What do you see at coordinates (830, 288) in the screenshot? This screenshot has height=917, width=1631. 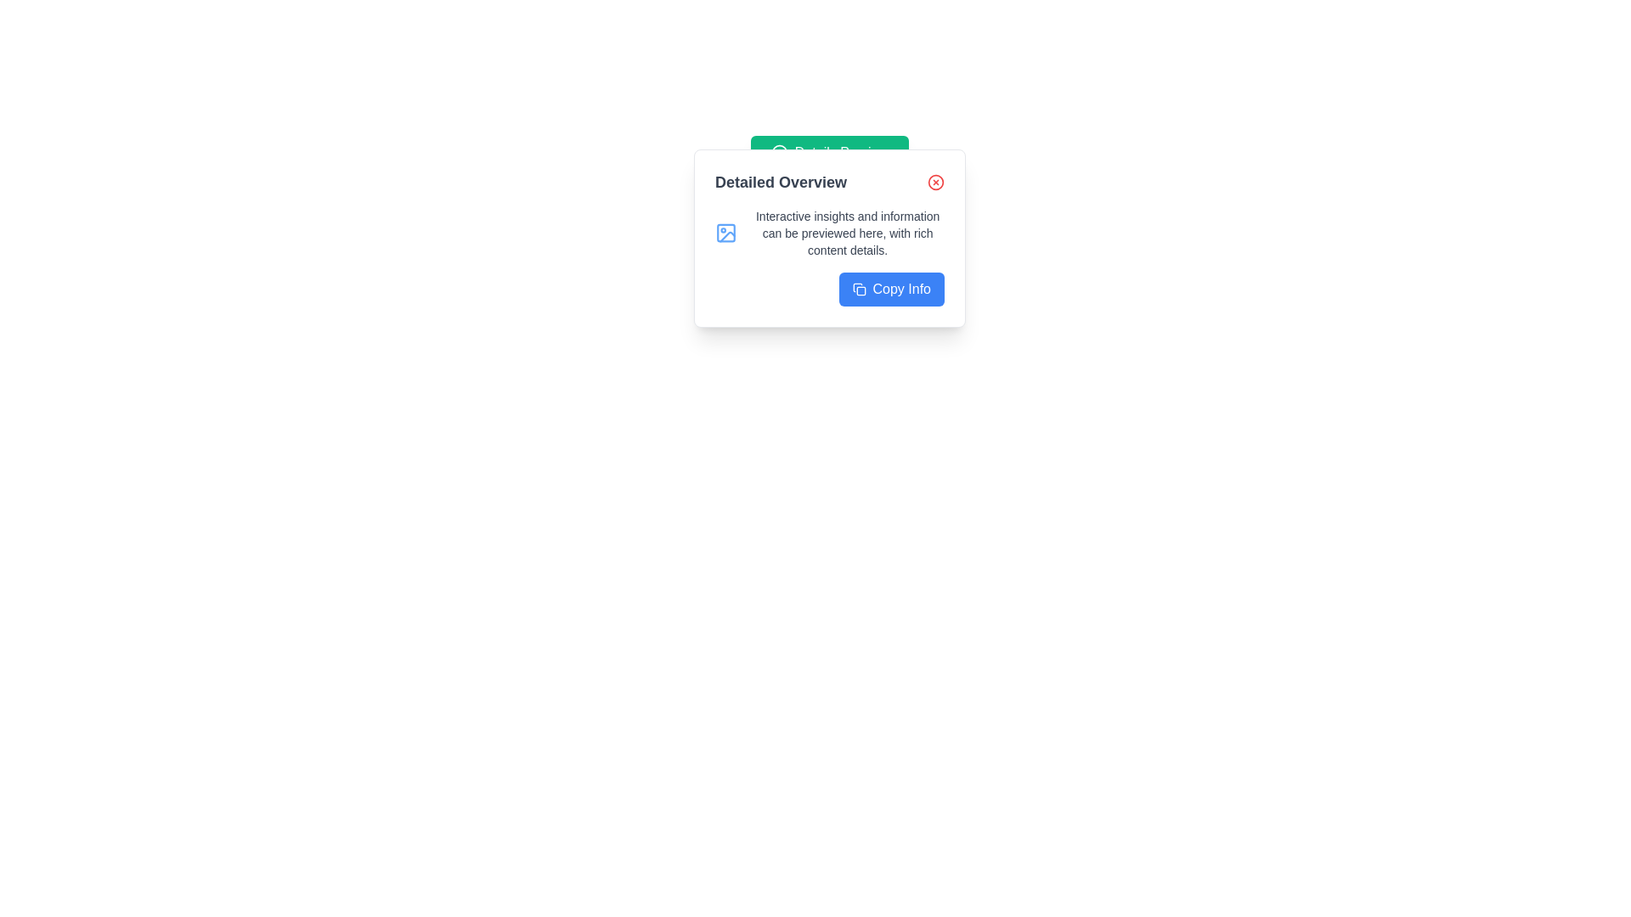 I see `the blue button labeled 'Copy Info' to observe any hover effects` at bounding box center [830, 288].